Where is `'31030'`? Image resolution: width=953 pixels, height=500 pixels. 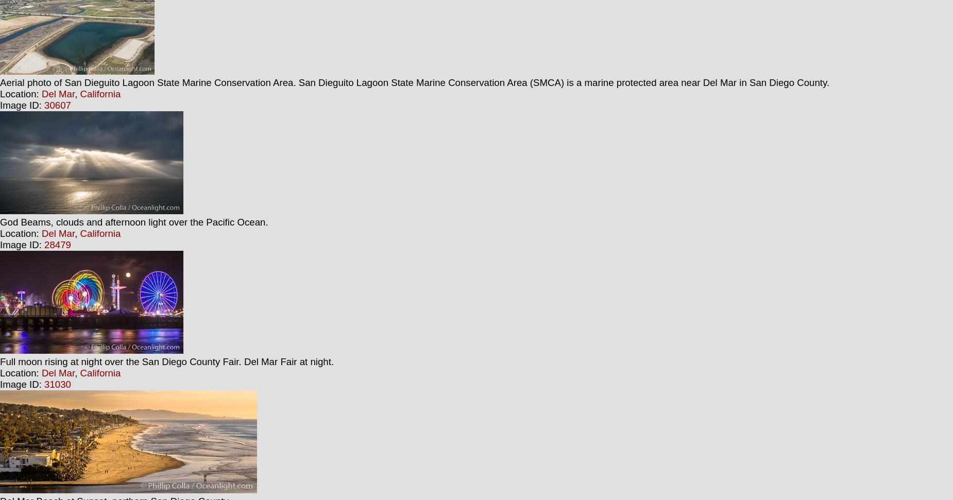
'31030' is located at coordinates (57, 384).